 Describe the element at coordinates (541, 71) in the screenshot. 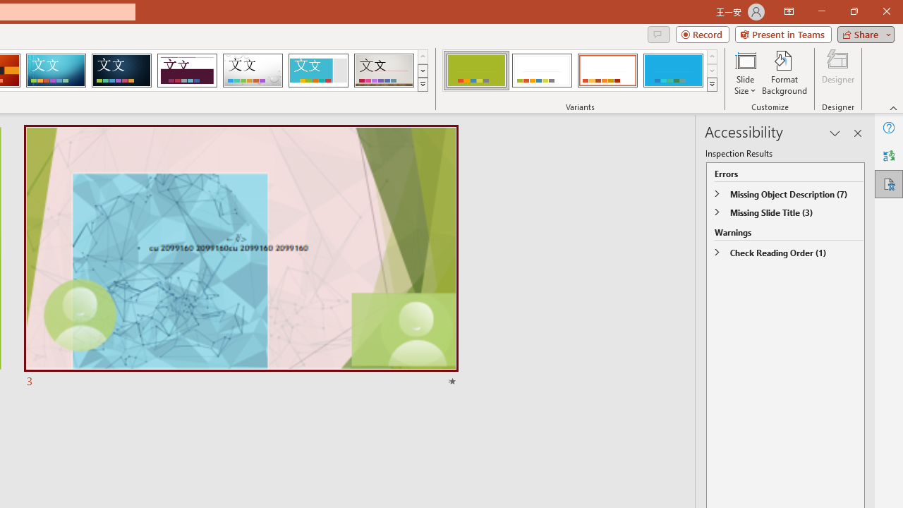

I see `'Basis Variant 2'` at that location.